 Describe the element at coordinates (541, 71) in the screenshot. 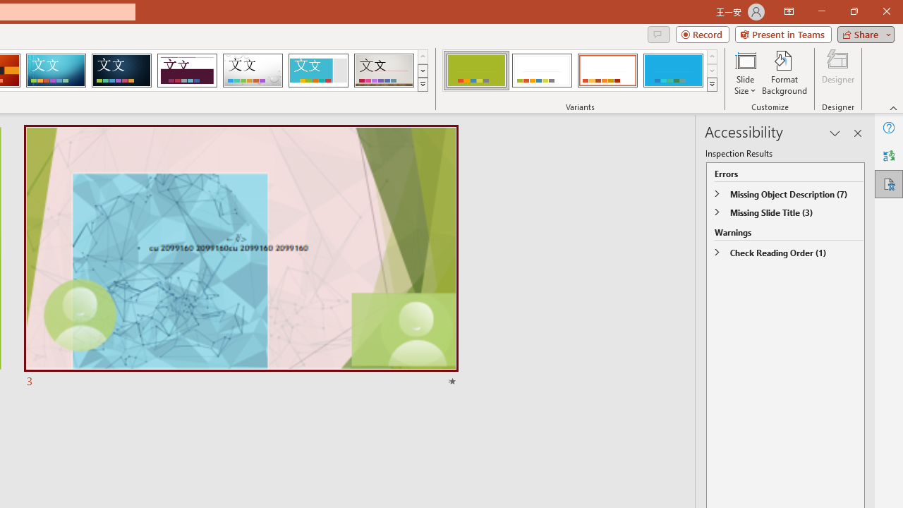

I see `'Basis Variant 2'` at that location.